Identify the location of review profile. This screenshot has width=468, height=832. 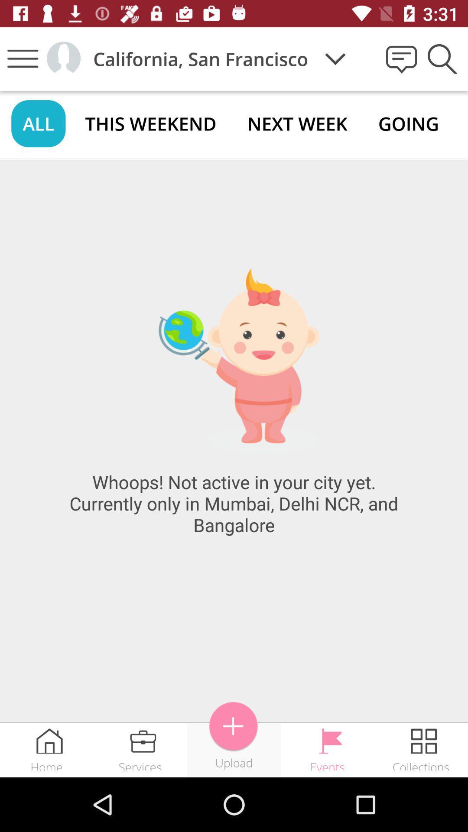
(63, 58).